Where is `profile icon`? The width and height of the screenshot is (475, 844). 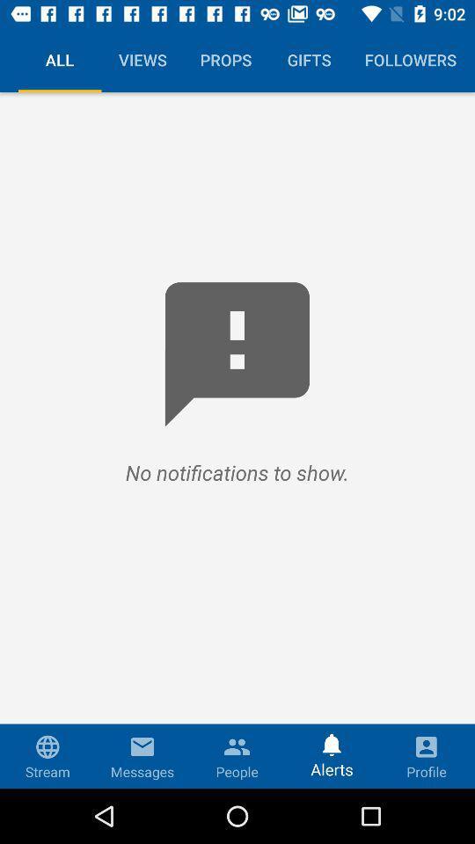
profile icon is located at coordinates (425, 755).